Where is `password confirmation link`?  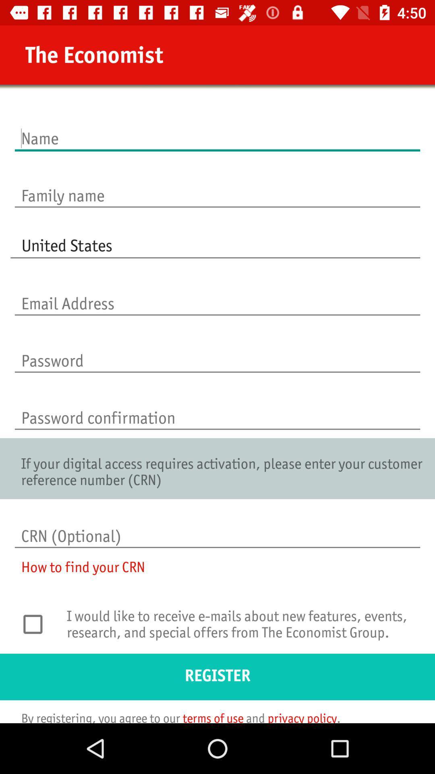
password confirmation link is located at coordinates (217, 409).